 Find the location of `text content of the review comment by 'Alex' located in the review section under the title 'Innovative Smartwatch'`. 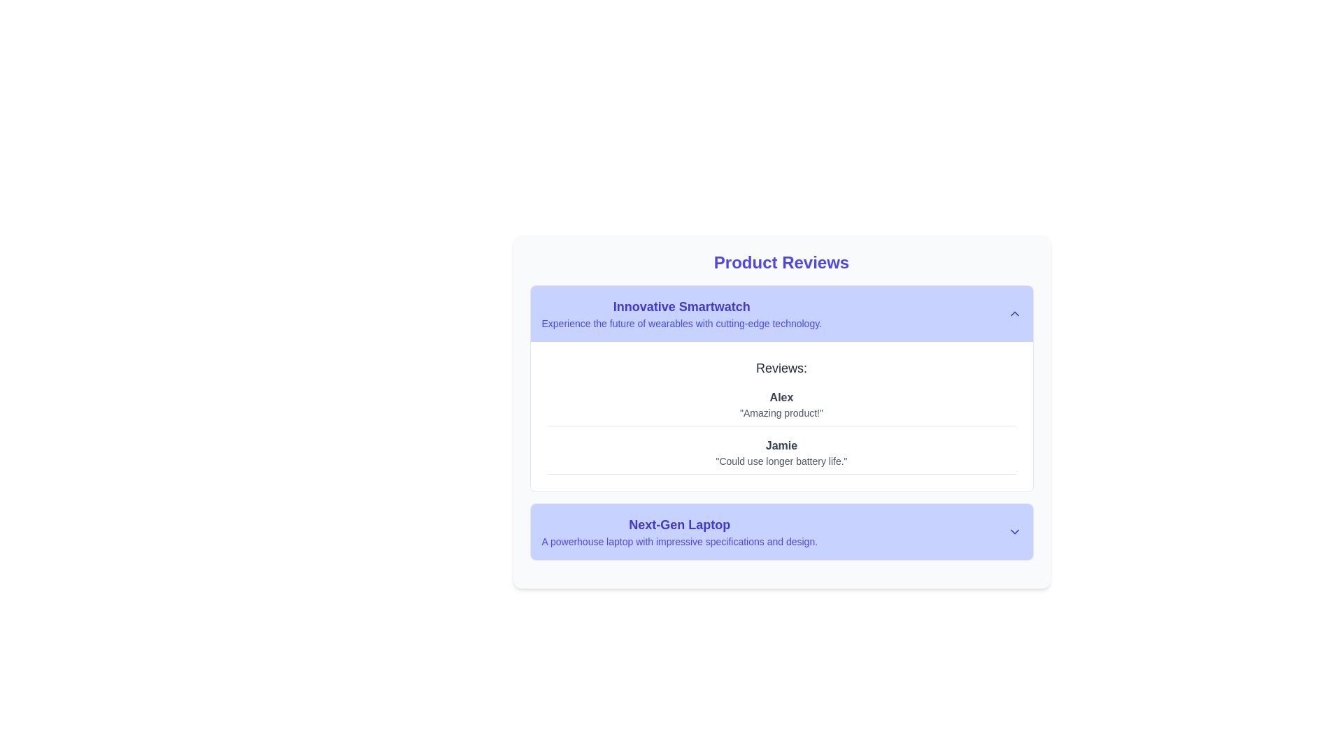

text content of the review comment by 'Alex' located in the review section under the title 'Innovative Smartwatch' is located at coordinates (781, 412).